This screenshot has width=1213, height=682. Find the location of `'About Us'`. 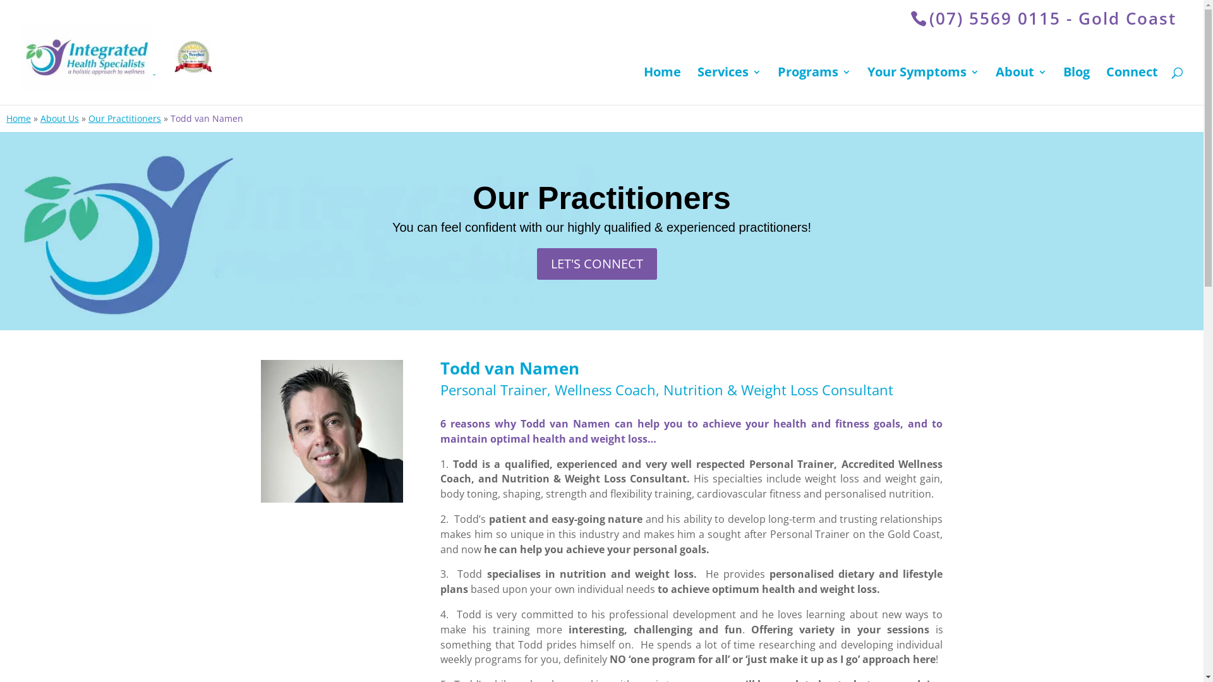

'About Us' is located at coordinates (59, 118).